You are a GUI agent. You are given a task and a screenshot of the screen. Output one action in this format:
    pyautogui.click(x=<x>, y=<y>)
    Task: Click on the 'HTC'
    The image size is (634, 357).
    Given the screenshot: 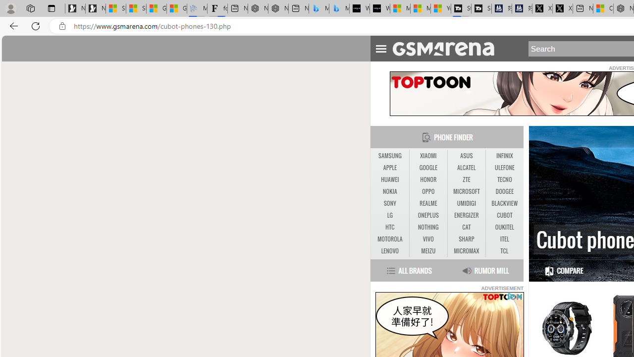 What is the action you would take?
    pyautogui.click(x=389, y=227)
    